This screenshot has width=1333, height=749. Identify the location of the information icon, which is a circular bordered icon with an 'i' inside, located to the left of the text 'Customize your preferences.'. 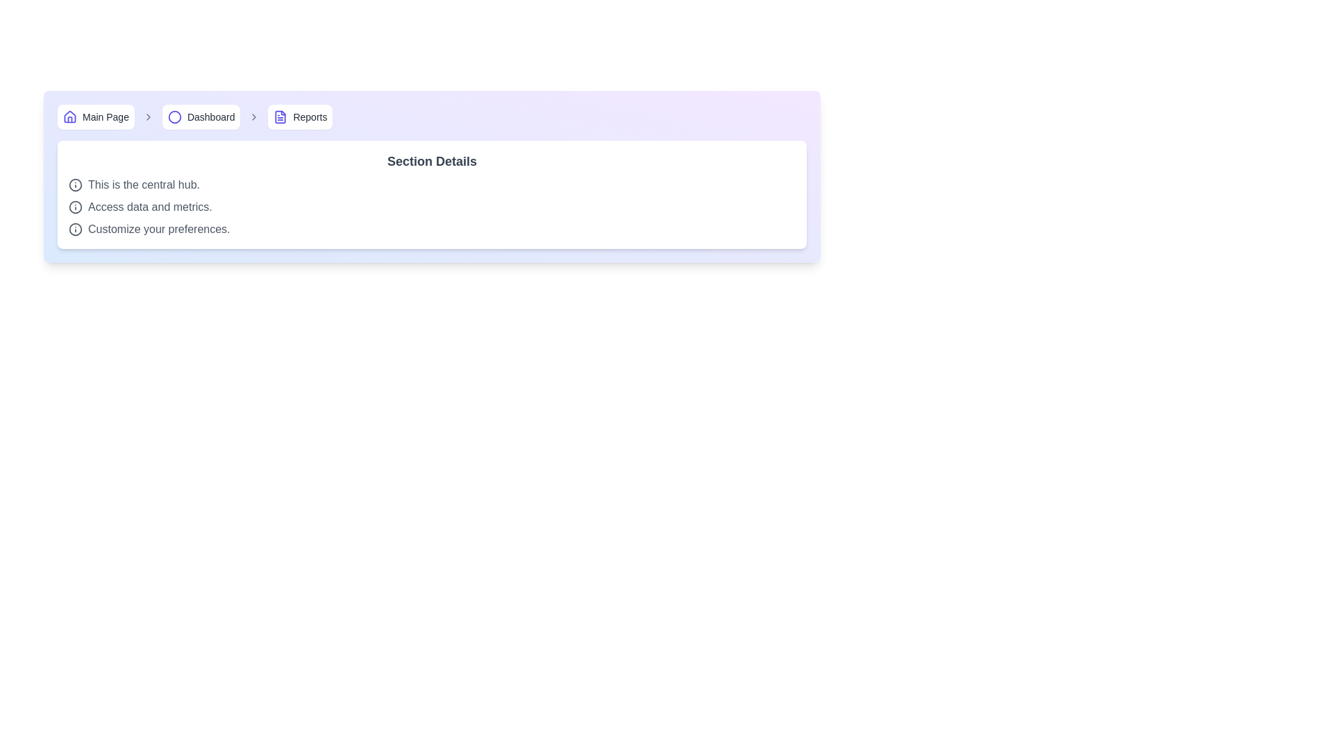
(75, 229).